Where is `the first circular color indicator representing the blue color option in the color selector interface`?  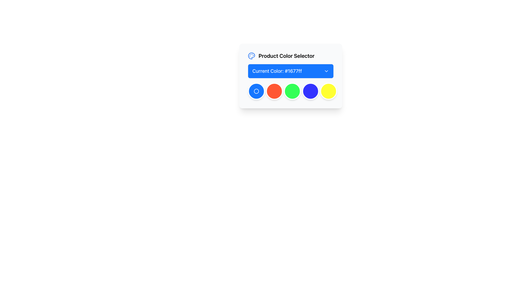
the first circular color indicator representing the blue color option in the color selector interface is located at coordinates (256, 91).